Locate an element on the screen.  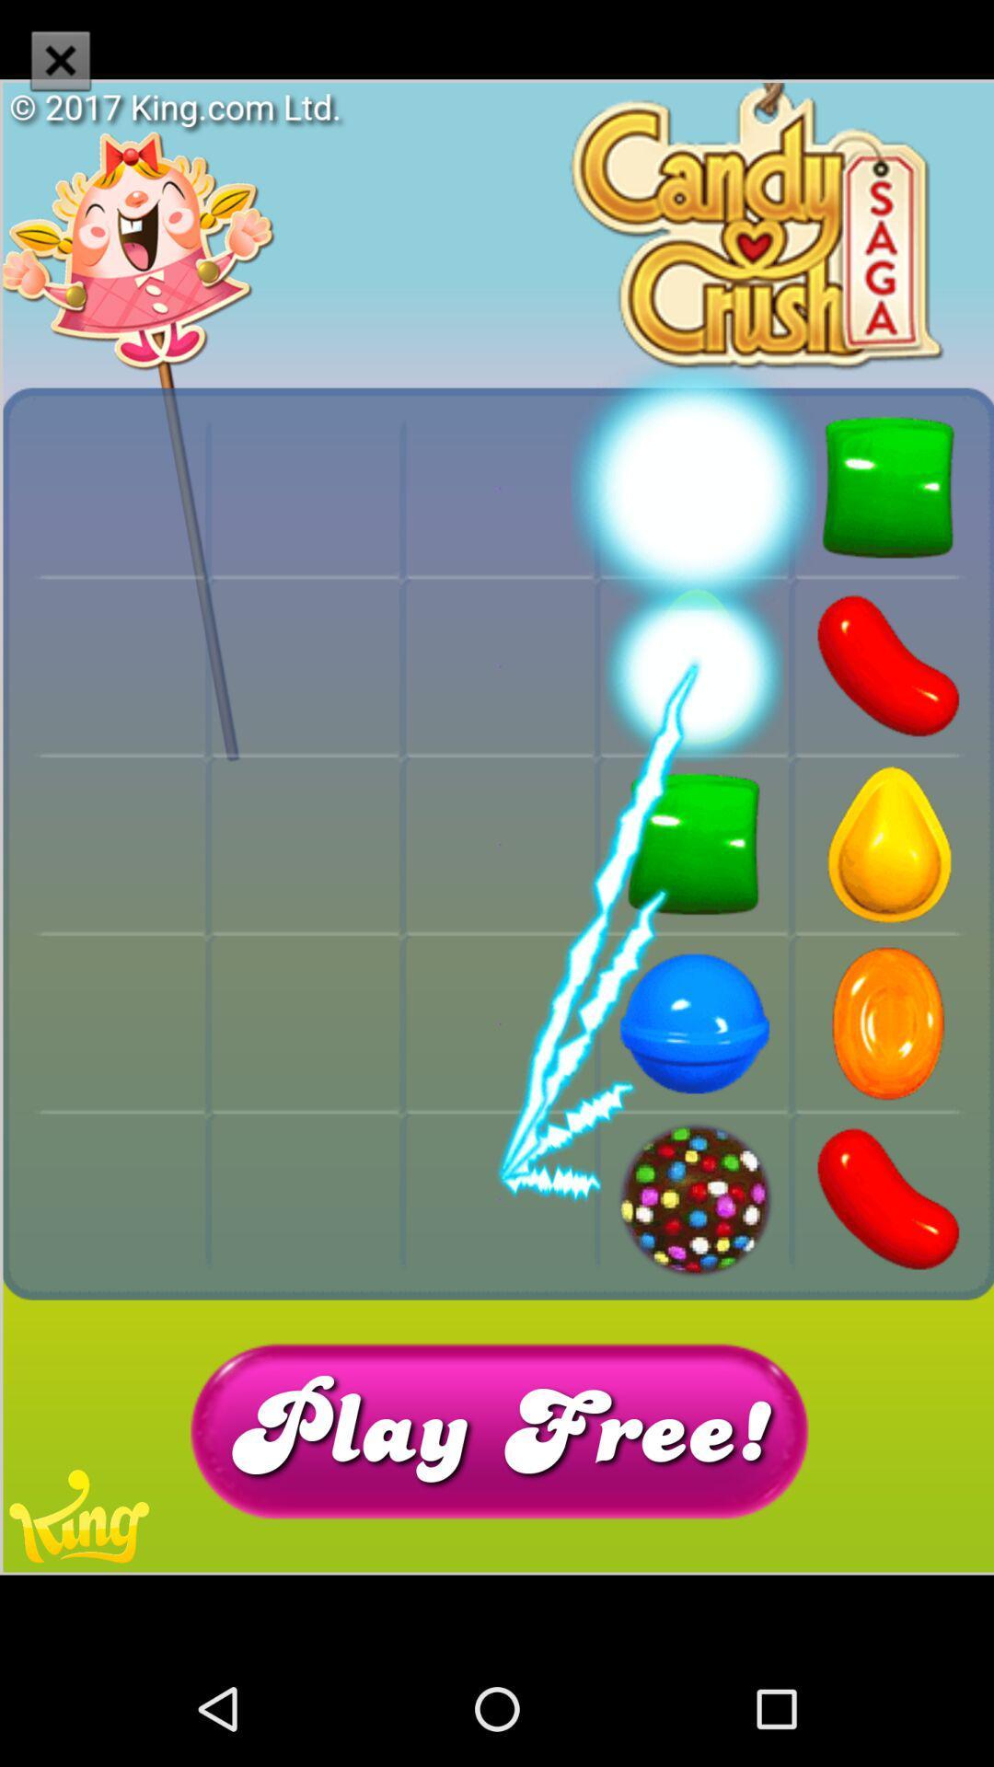
the close icon is located at coordinates (59, 64).